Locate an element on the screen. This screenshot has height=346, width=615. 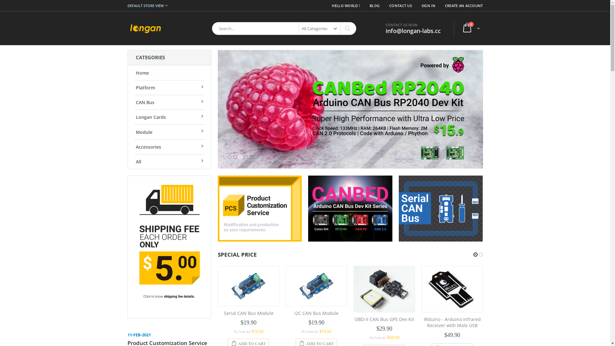
'BLOG' is located at coordinates (374, 5).